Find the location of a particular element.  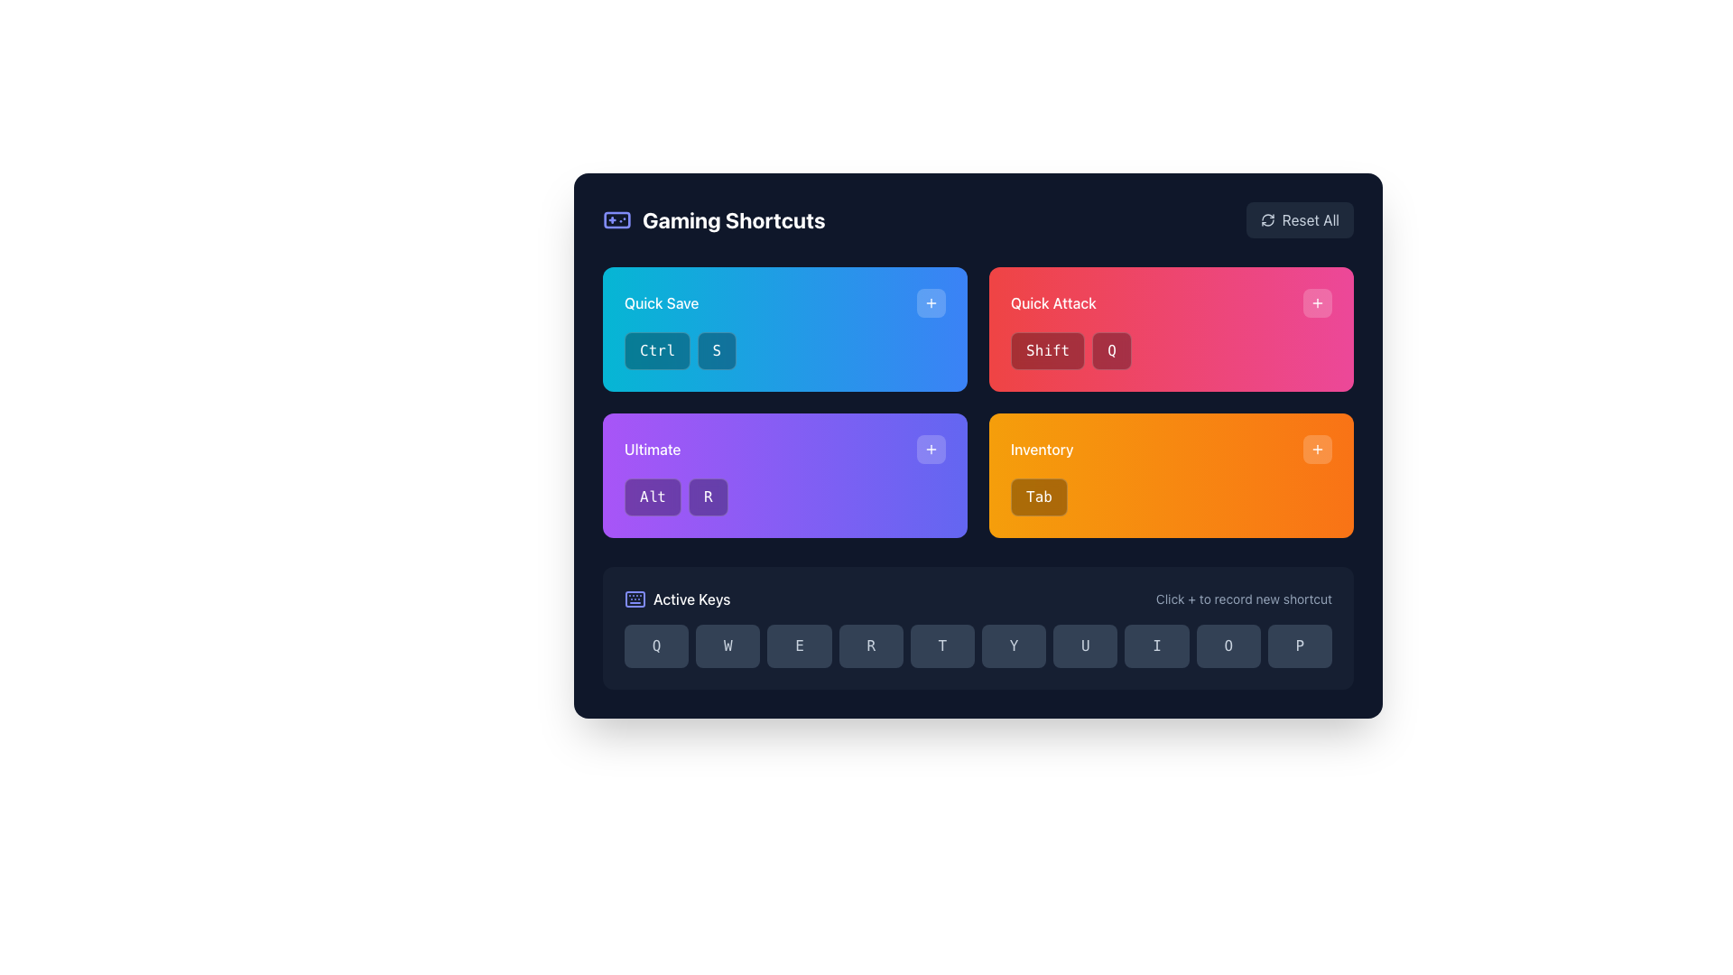

the button labeled 'R', which is a rectangular button with a dark slate background and lighter text, located in the bottom section of the interface between the buttons 'E' and 'T' is located at coordinates (871, 645).